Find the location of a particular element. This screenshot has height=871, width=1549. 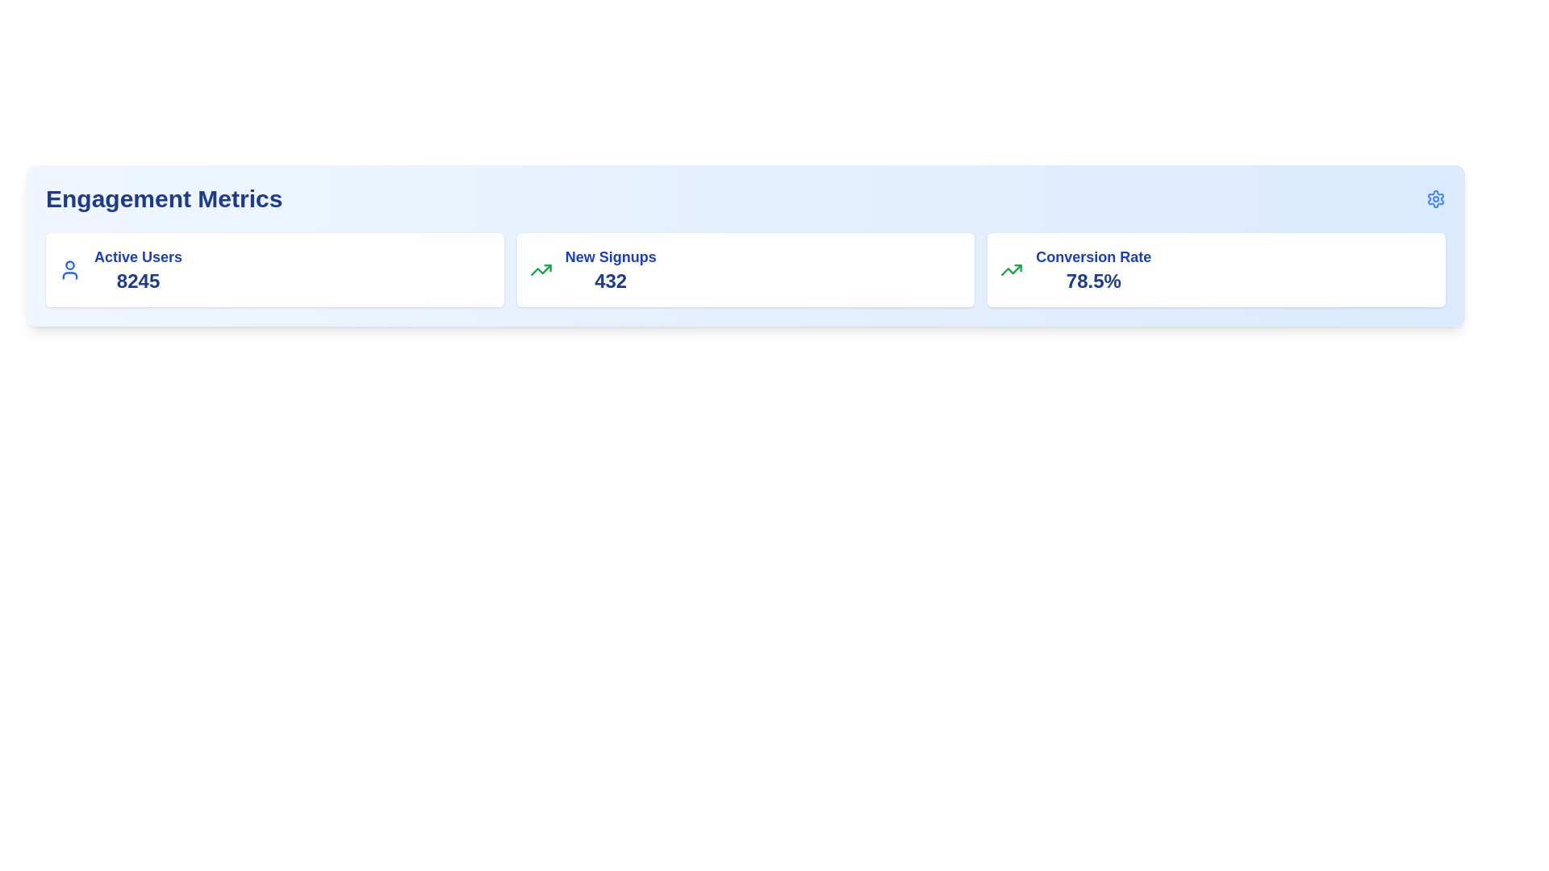

the Informational Text Block that displays the current number of active users, located at the top-left corner of the first card under 'Engagement Metrics' is located at coordinates (138, 269).